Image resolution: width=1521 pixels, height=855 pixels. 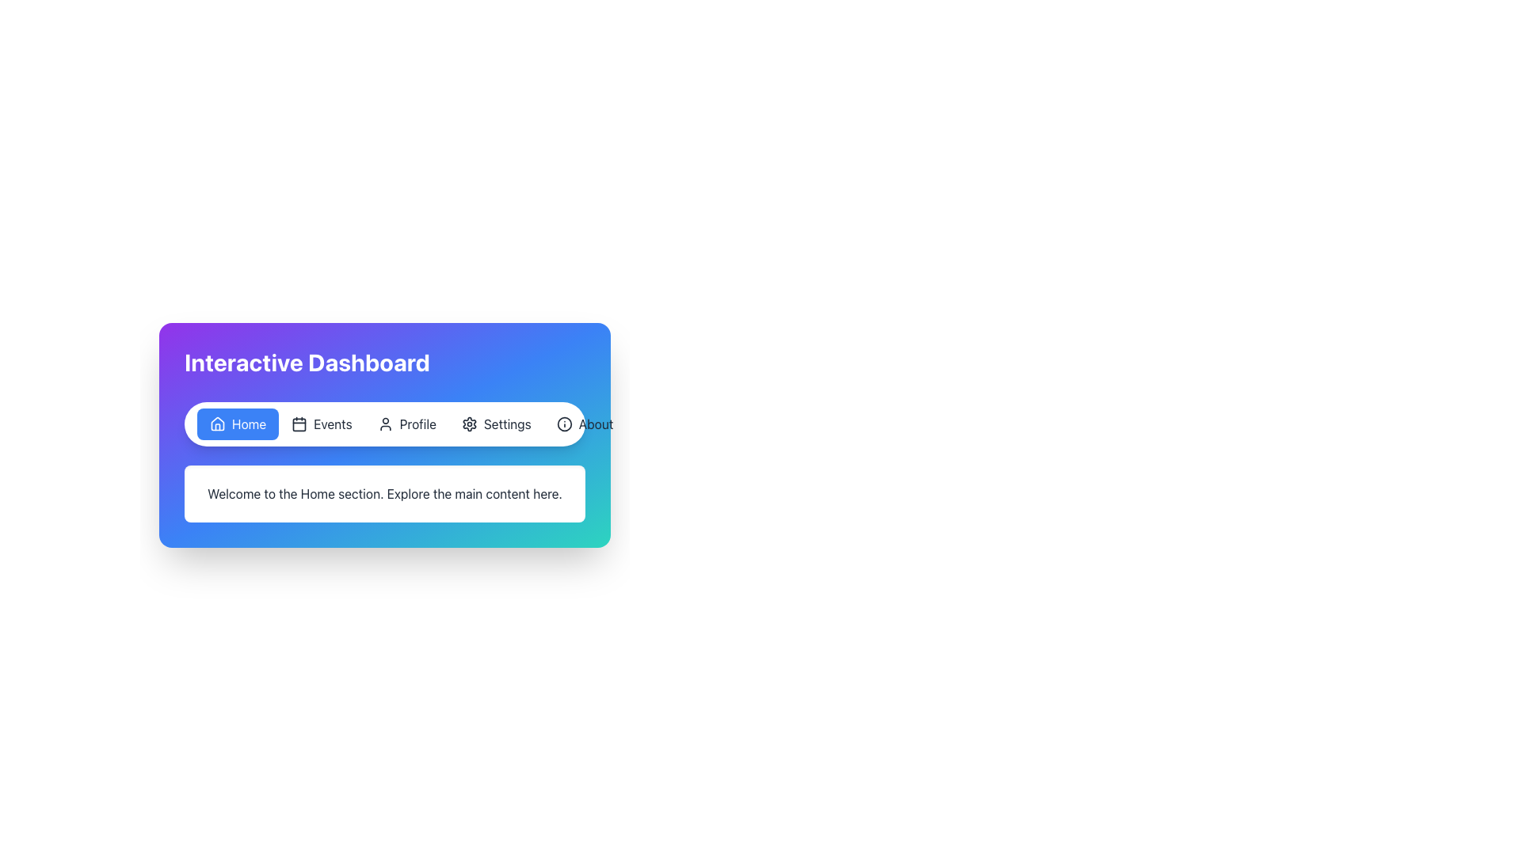 I want to click on the user's profile section navigation item, so click(x=384, y=424).